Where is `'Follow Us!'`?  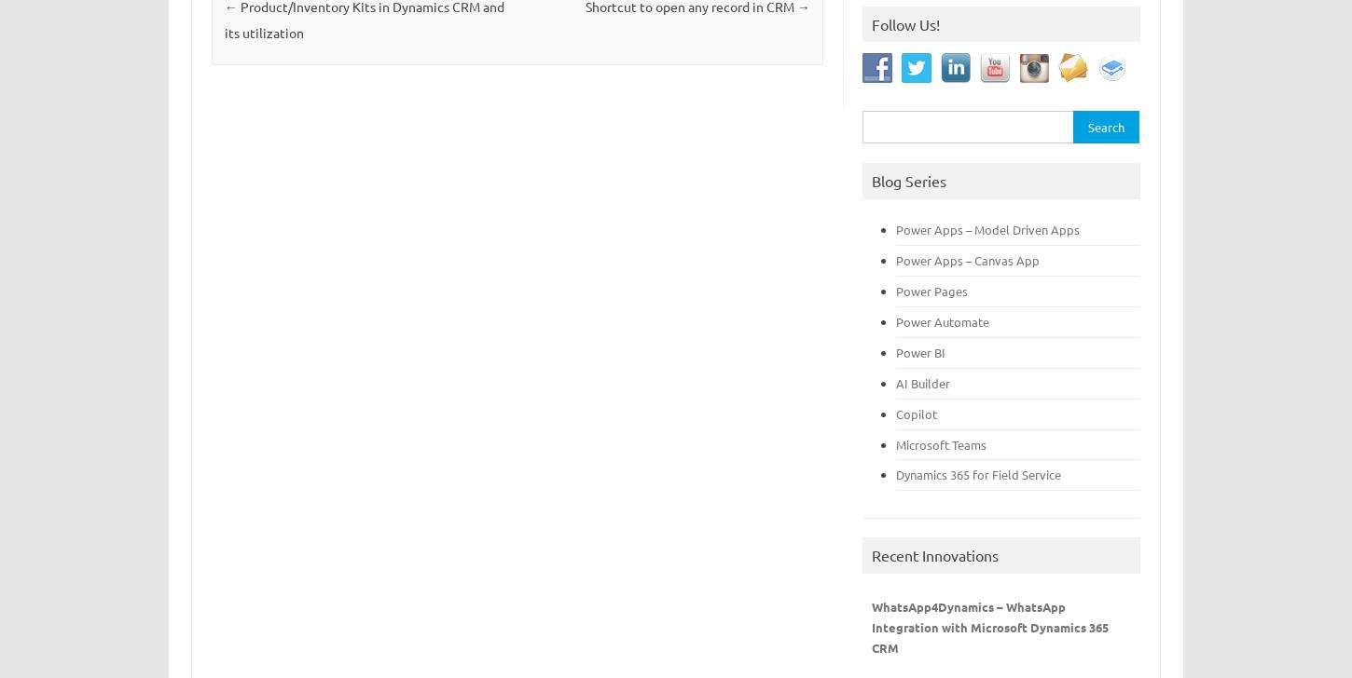 'Follow Us!' is located at coordinates (905, 23).